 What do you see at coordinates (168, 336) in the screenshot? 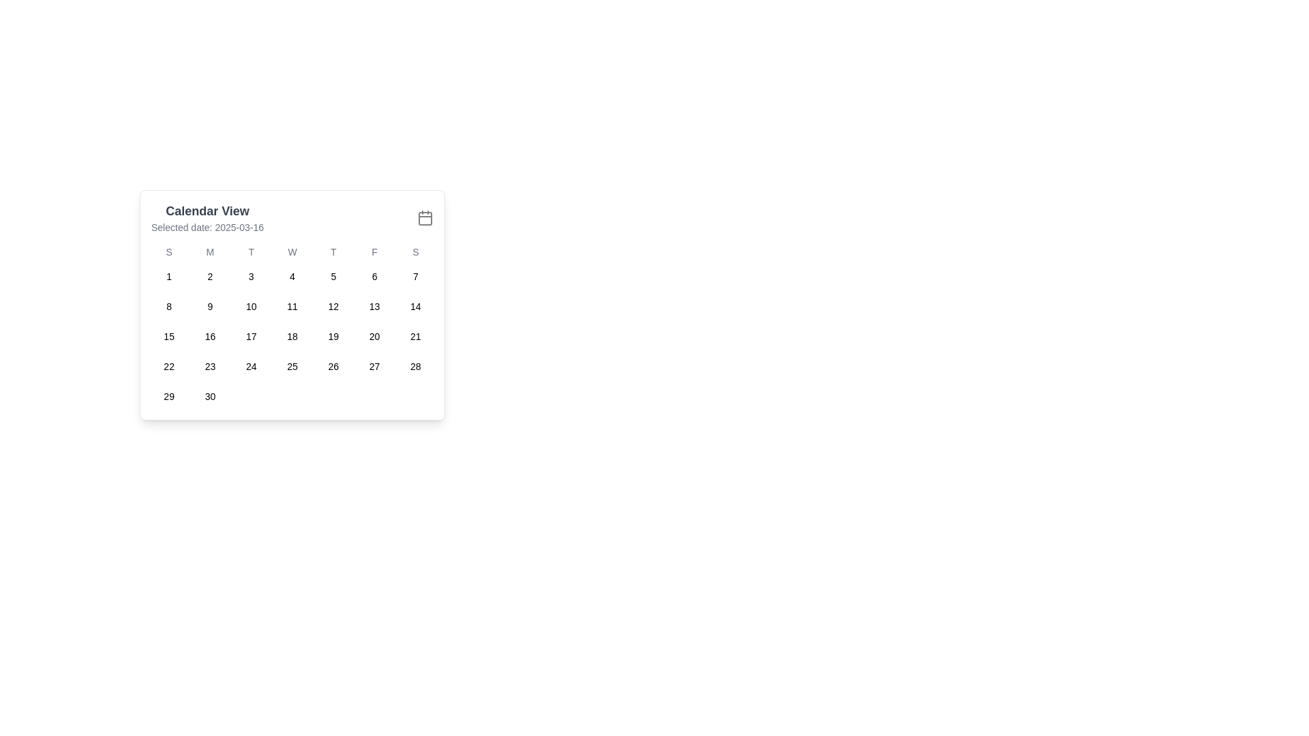
I see `to select the calendar day cell displaying the date '15' in the grid-like calendar interface` at bounding box center [168, 336].